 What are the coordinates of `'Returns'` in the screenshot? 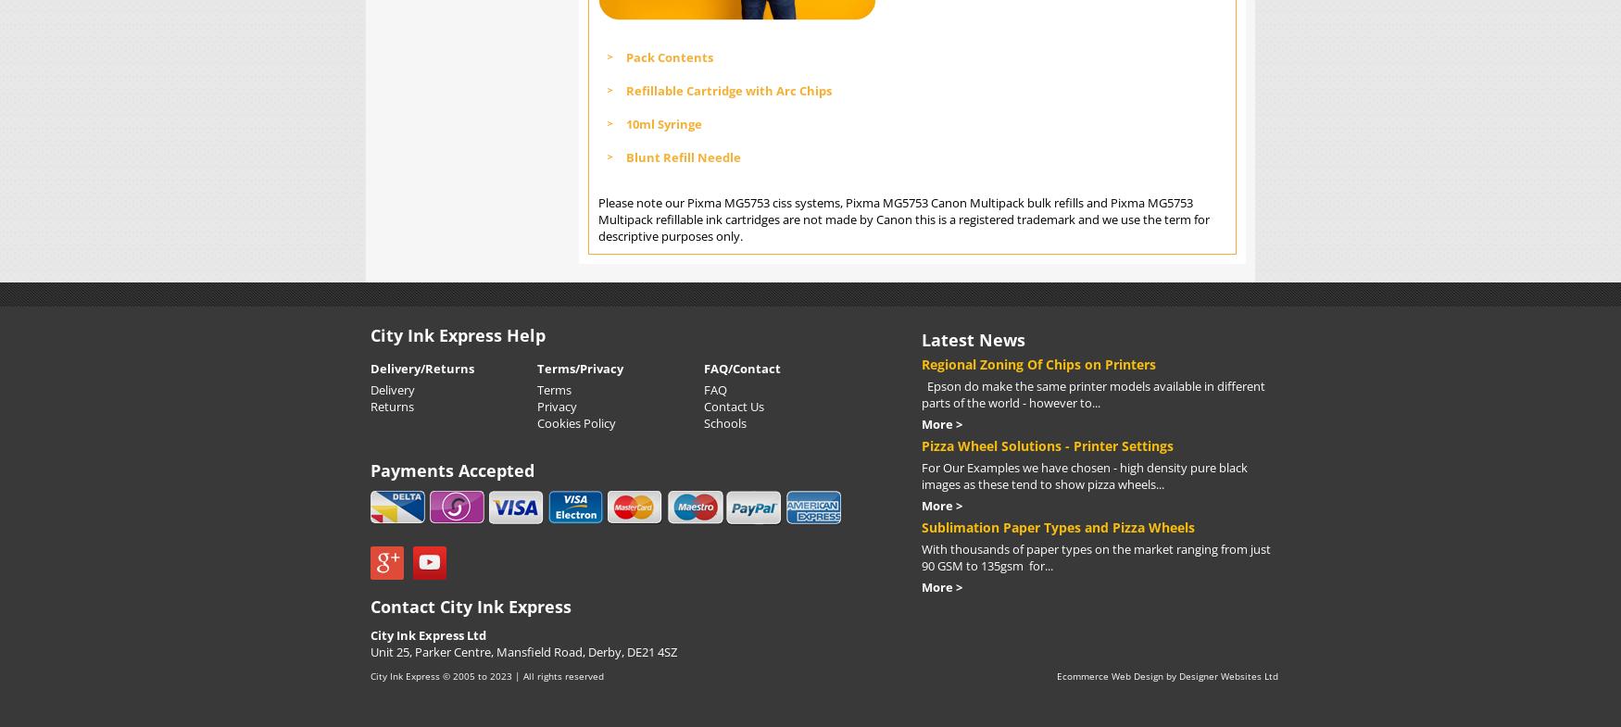 It's located at (391, 406).